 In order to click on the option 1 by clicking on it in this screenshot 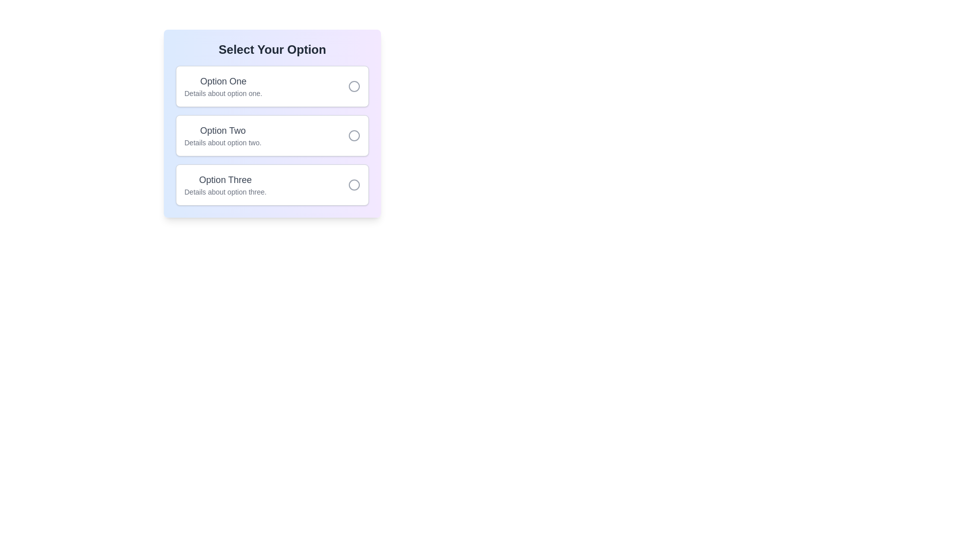, I will do `click(272, 86)`.